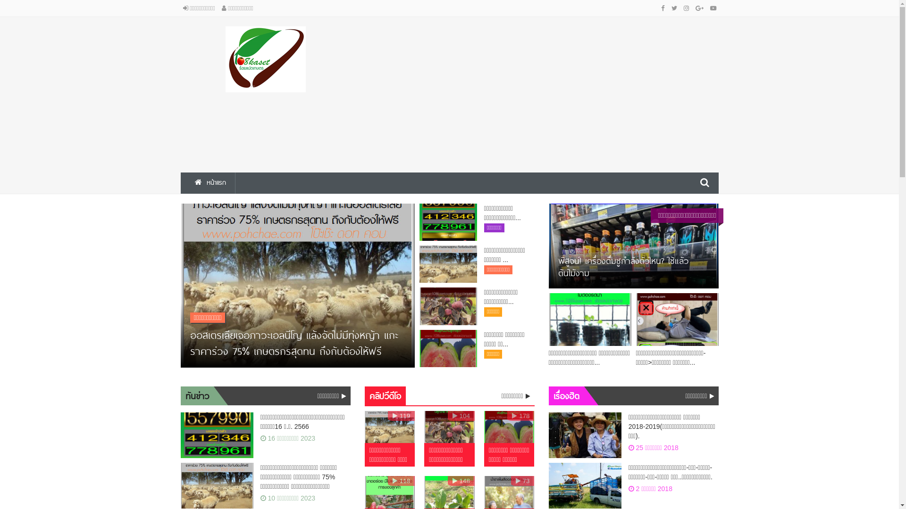  What do you see at coordinates (364, 92) in the screenshot?
I see `'Advertisement'` at bounding box center [364, 92].